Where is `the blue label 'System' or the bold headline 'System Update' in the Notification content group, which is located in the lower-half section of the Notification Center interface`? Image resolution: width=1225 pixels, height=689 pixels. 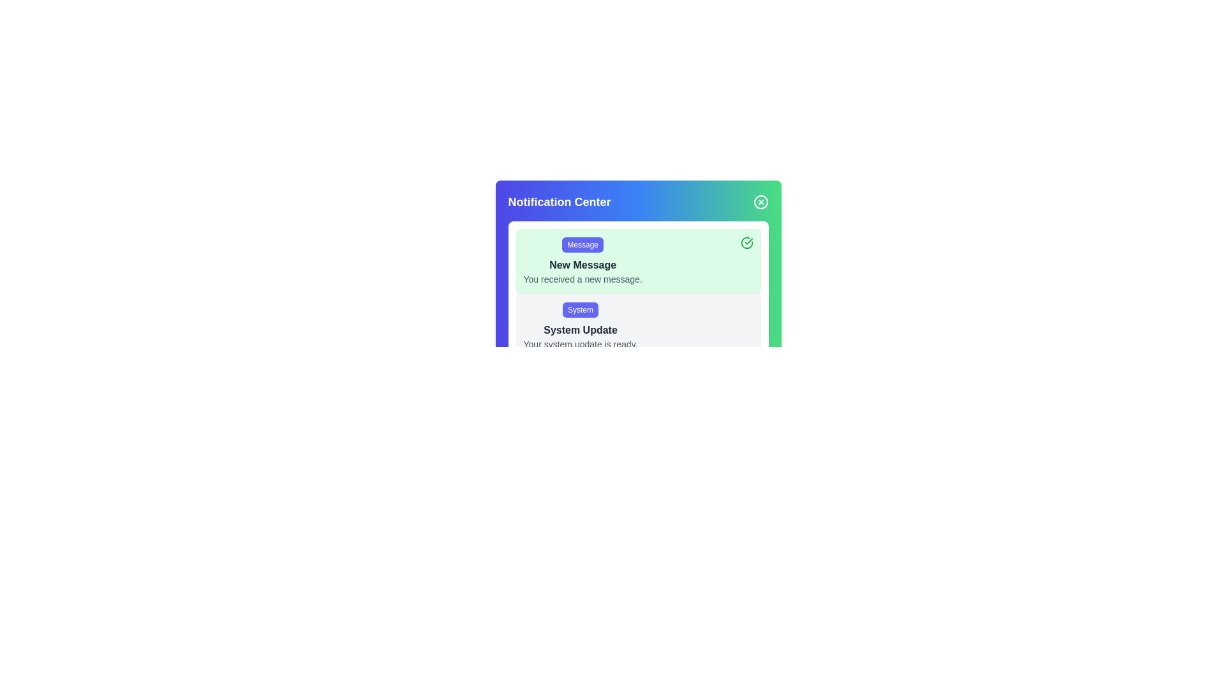 the blue label 'System' or the bold headline 'System Update' in the Notification content group, which is located in the lower-half section of the Notification Center interface is located at coordinates (580, 325).